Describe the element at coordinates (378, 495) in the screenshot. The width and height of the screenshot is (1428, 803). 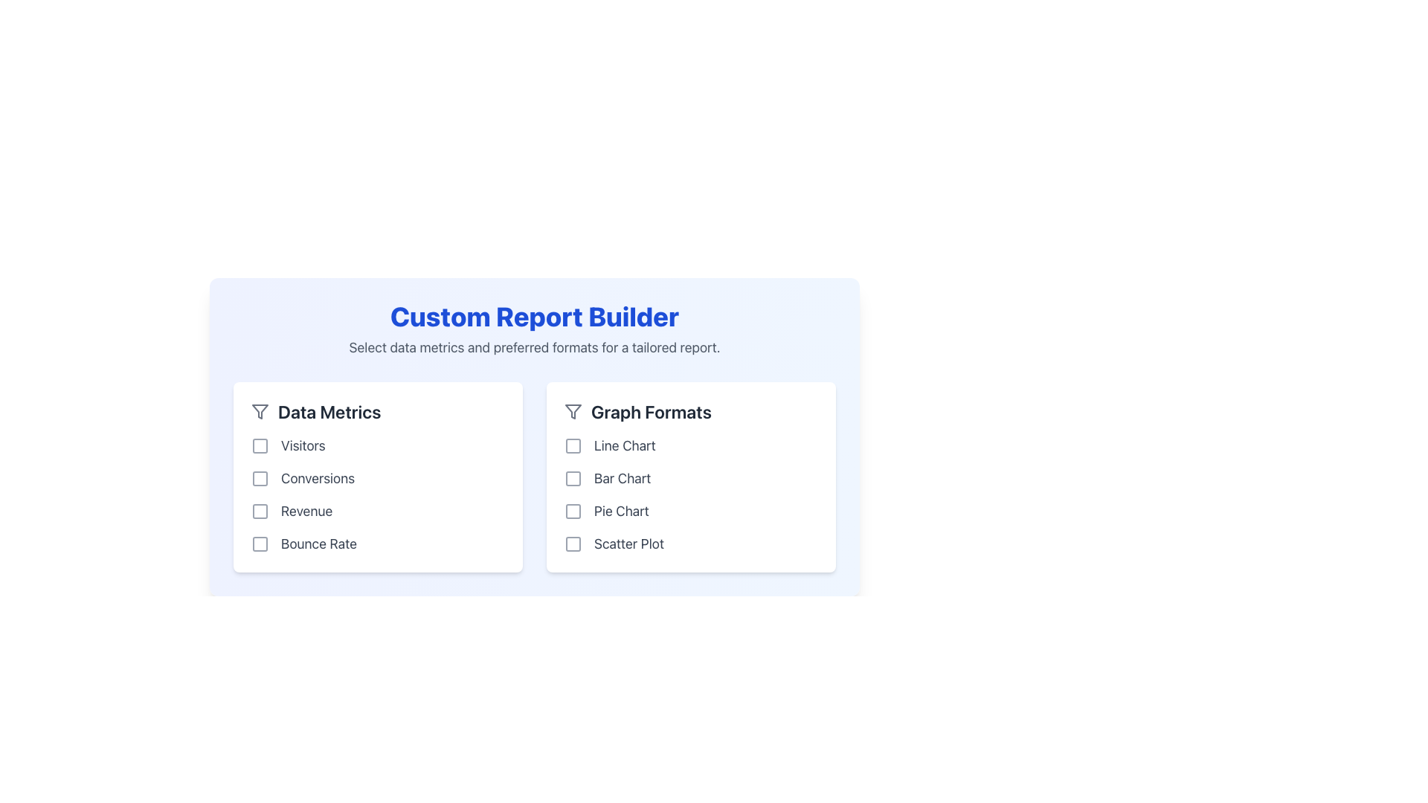
I see `the checkbox in the 'Data Metrics' card` at that location.